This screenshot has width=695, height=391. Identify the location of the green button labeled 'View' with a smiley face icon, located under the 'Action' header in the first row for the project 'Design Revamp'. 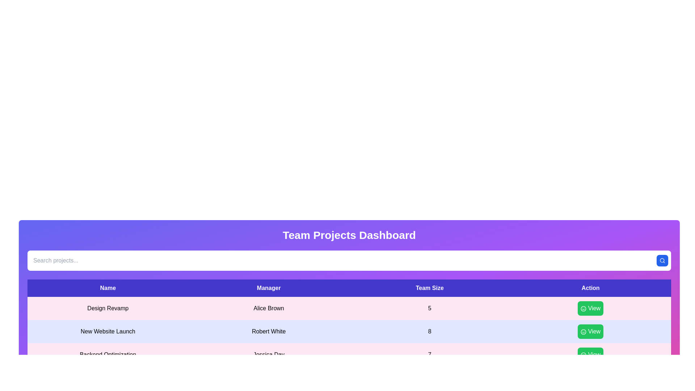
(590, 308).